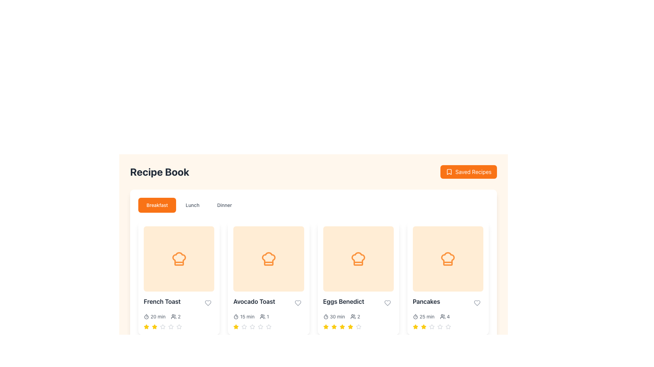 The image size is (654, 367). I want to click on the icon indicating the number of people associated with the 'Pancakes' recipe, which displays the number 4 next to an avatar icon, so click(442, 317).